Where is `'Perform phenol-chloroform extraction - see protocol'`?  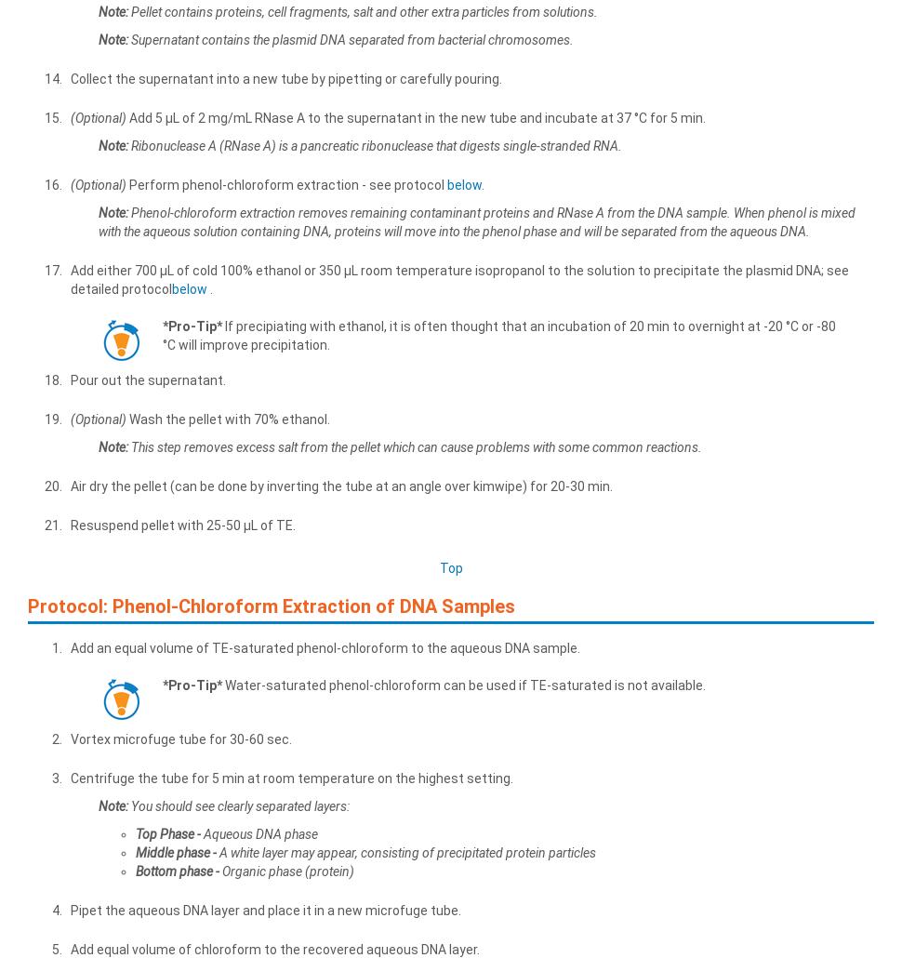
'Perform phenol-chloroform extraction - see protocol' is located at coordinates (286, 183).